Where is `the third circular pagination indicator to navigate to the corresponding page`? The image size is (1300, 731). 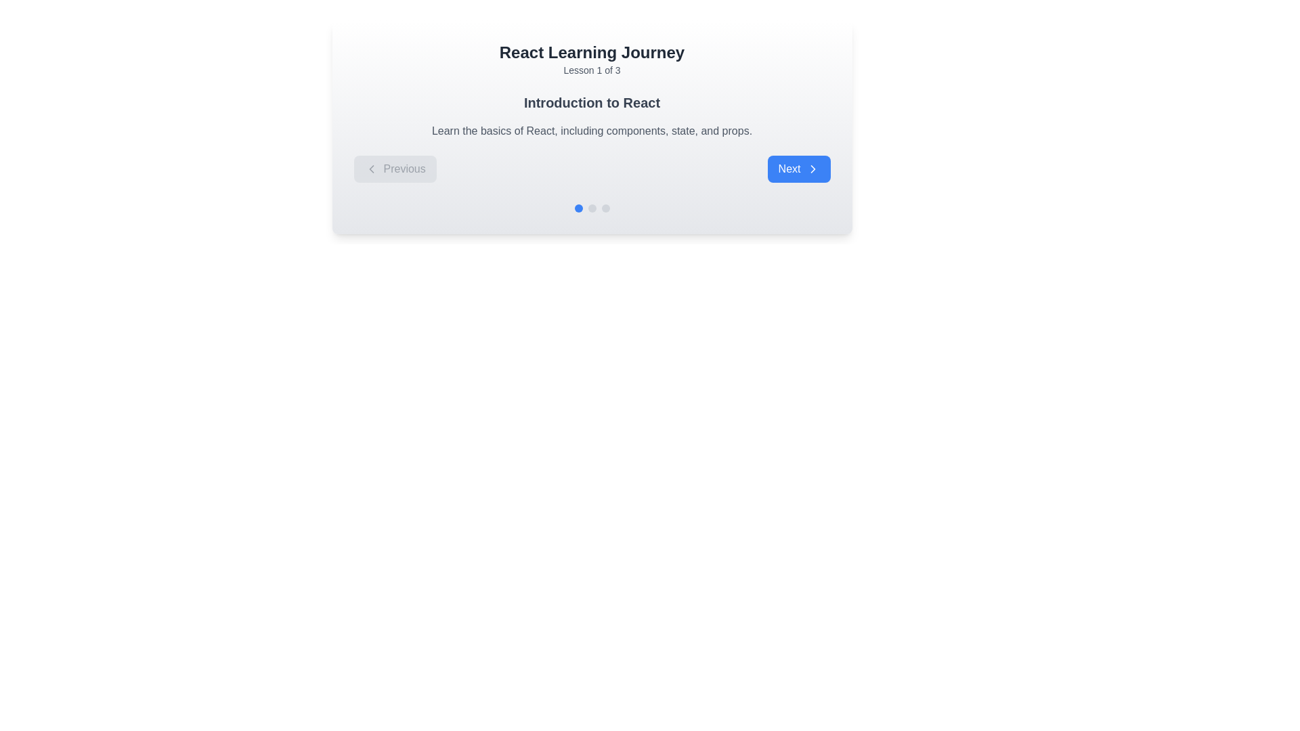
the third circular pagination indicator to navigate to the corresponding page is located at coordinates (605, 208).